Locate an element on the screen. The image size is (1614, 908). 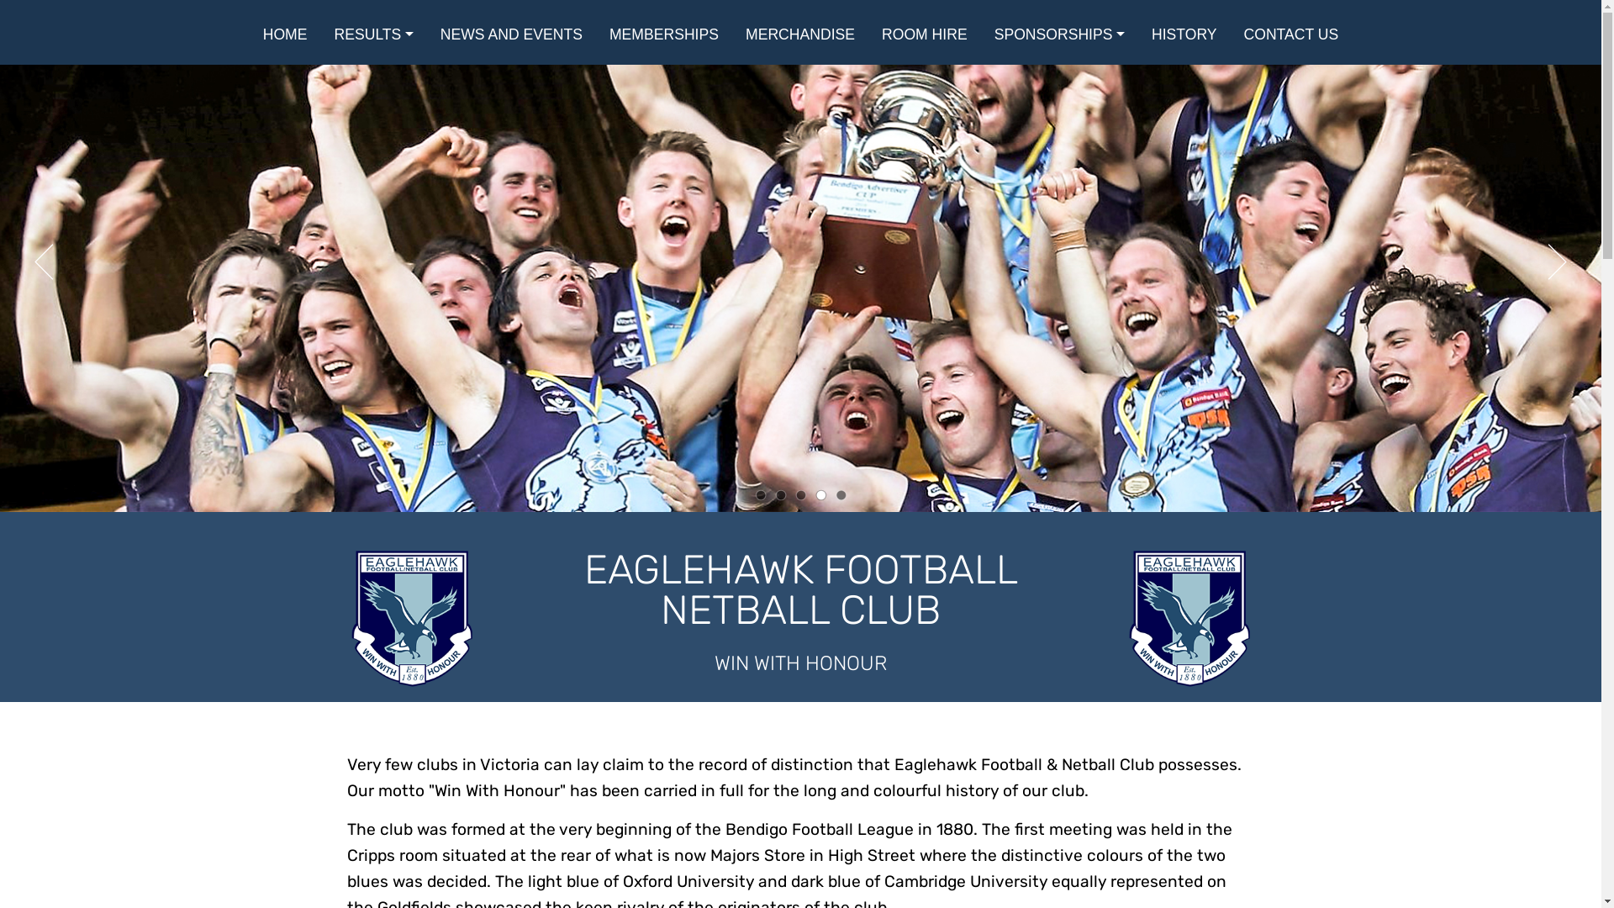
'RESULTS' is located at coordinates (373, 34).